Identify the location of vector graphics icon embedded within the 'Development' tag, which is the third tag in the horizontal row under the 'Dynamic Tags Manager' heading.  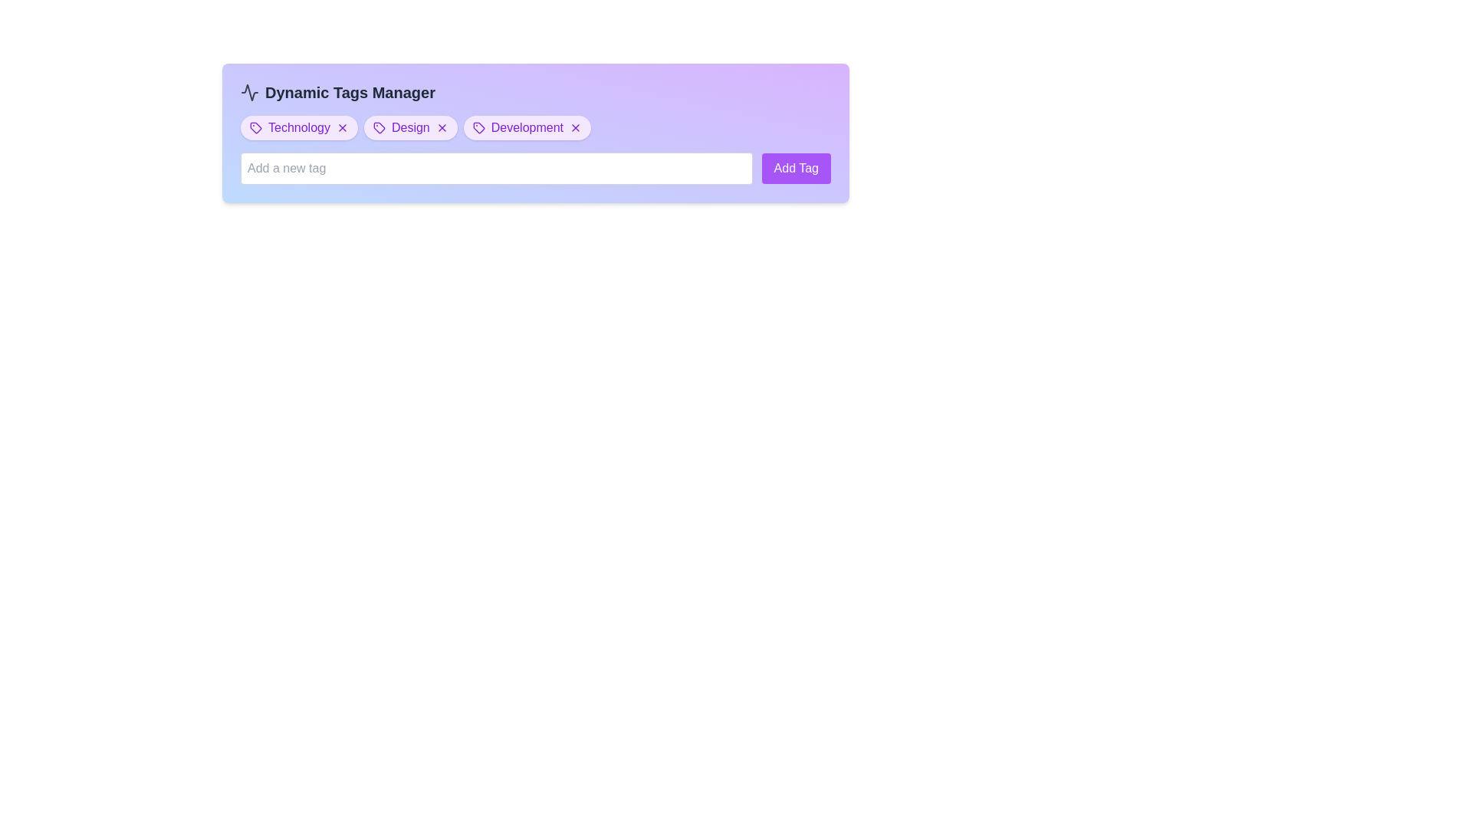
(478, 127).